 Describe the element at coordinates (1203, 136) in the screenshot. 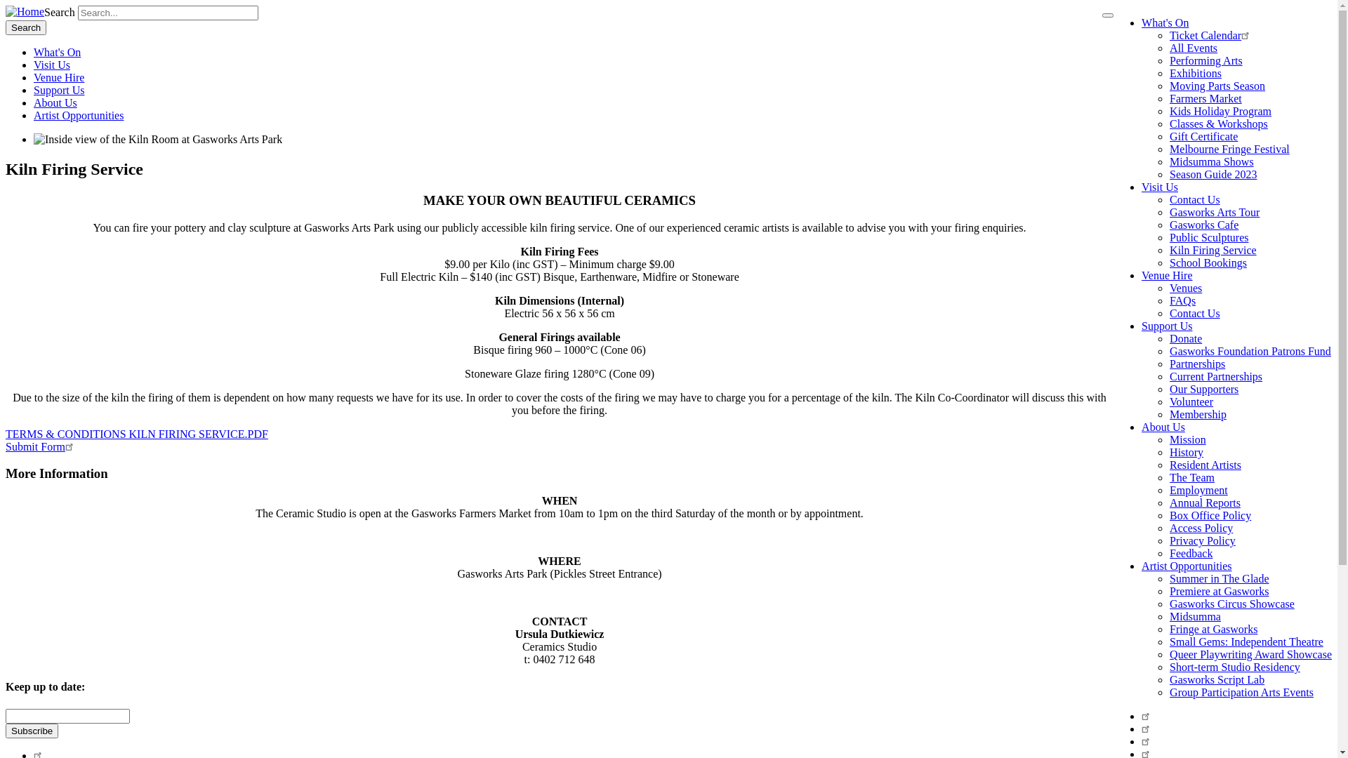

I see `'Gift Certificate'` at that location.